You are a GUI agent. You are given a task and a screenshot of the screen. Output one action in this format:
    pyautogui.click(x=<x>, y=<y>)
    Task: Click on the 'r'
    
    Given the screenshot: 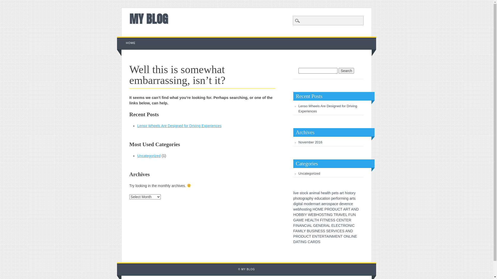 What is the action you would take?
    pyautogui.click(x=352, y=198)
    